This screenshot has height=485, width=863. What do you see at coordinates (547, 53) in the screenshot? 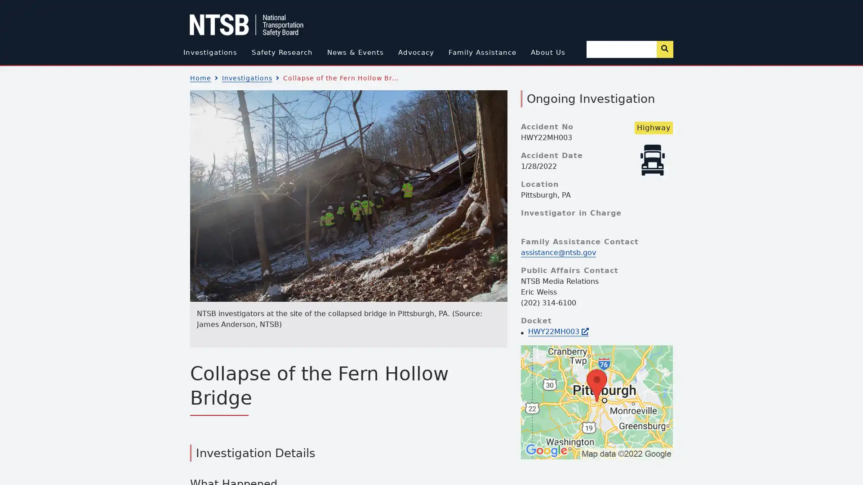
I see `About Us` at bounding box center [547, 53].